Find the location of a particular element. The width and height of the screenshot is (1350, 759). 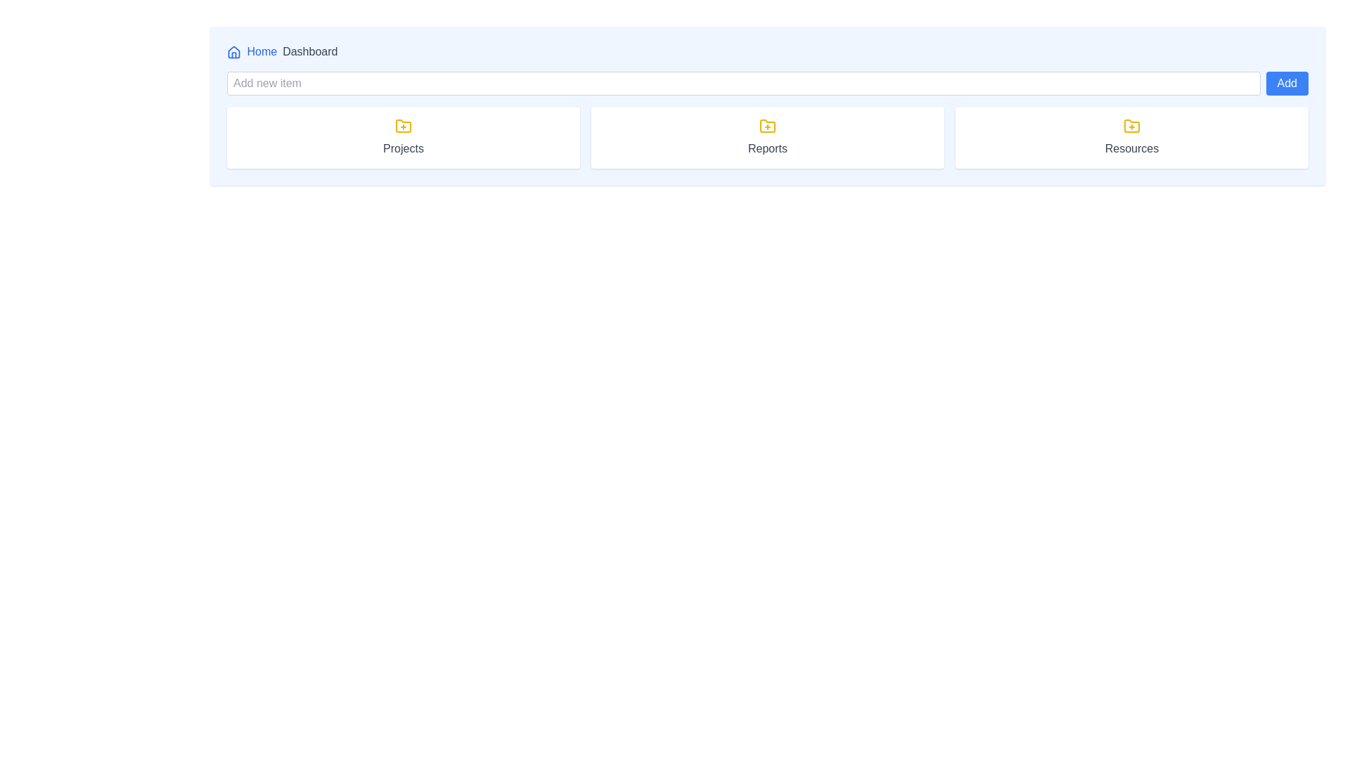

the 'Home' hyperlink located in the top-left corner of the navigational bar is located at coordinates (252, 51).